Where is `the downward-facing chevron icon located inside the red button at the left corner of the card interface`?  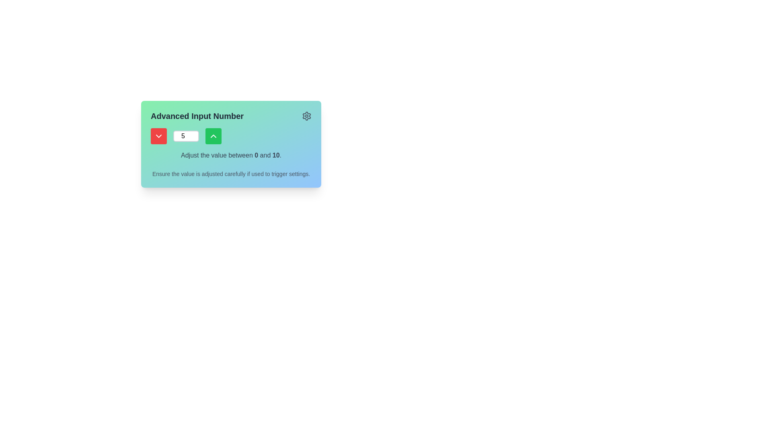
the downward-facing chevron icon located inside the red button at the left corner of the card interface is located at coordinates (158, 136).